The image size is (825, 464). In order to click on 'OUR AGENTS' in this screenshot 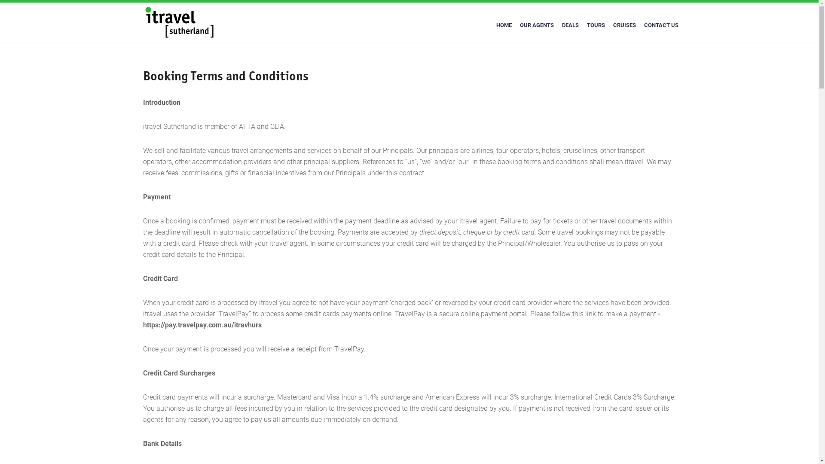, I will do `click(516, 24)`.